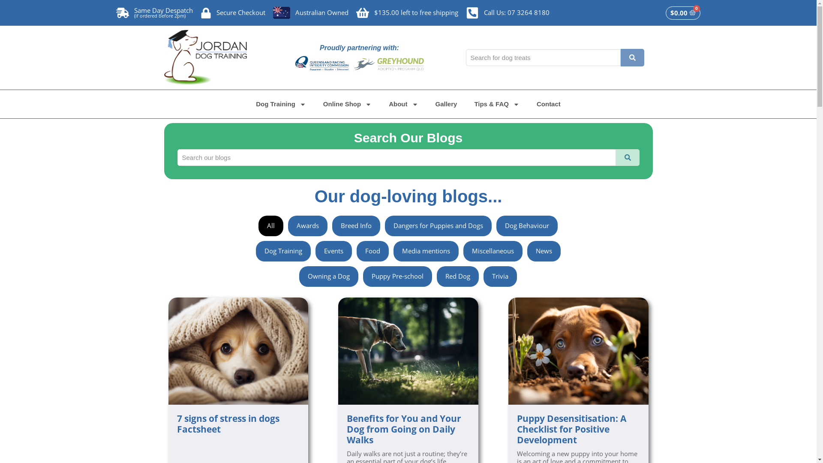 Image resolution: width=823 pixels, height=463 pixels. Describe the element at coordinates (238, 423) in the screenshot. I see `'7 signs of stress in dogs Factsheet'` at that location.